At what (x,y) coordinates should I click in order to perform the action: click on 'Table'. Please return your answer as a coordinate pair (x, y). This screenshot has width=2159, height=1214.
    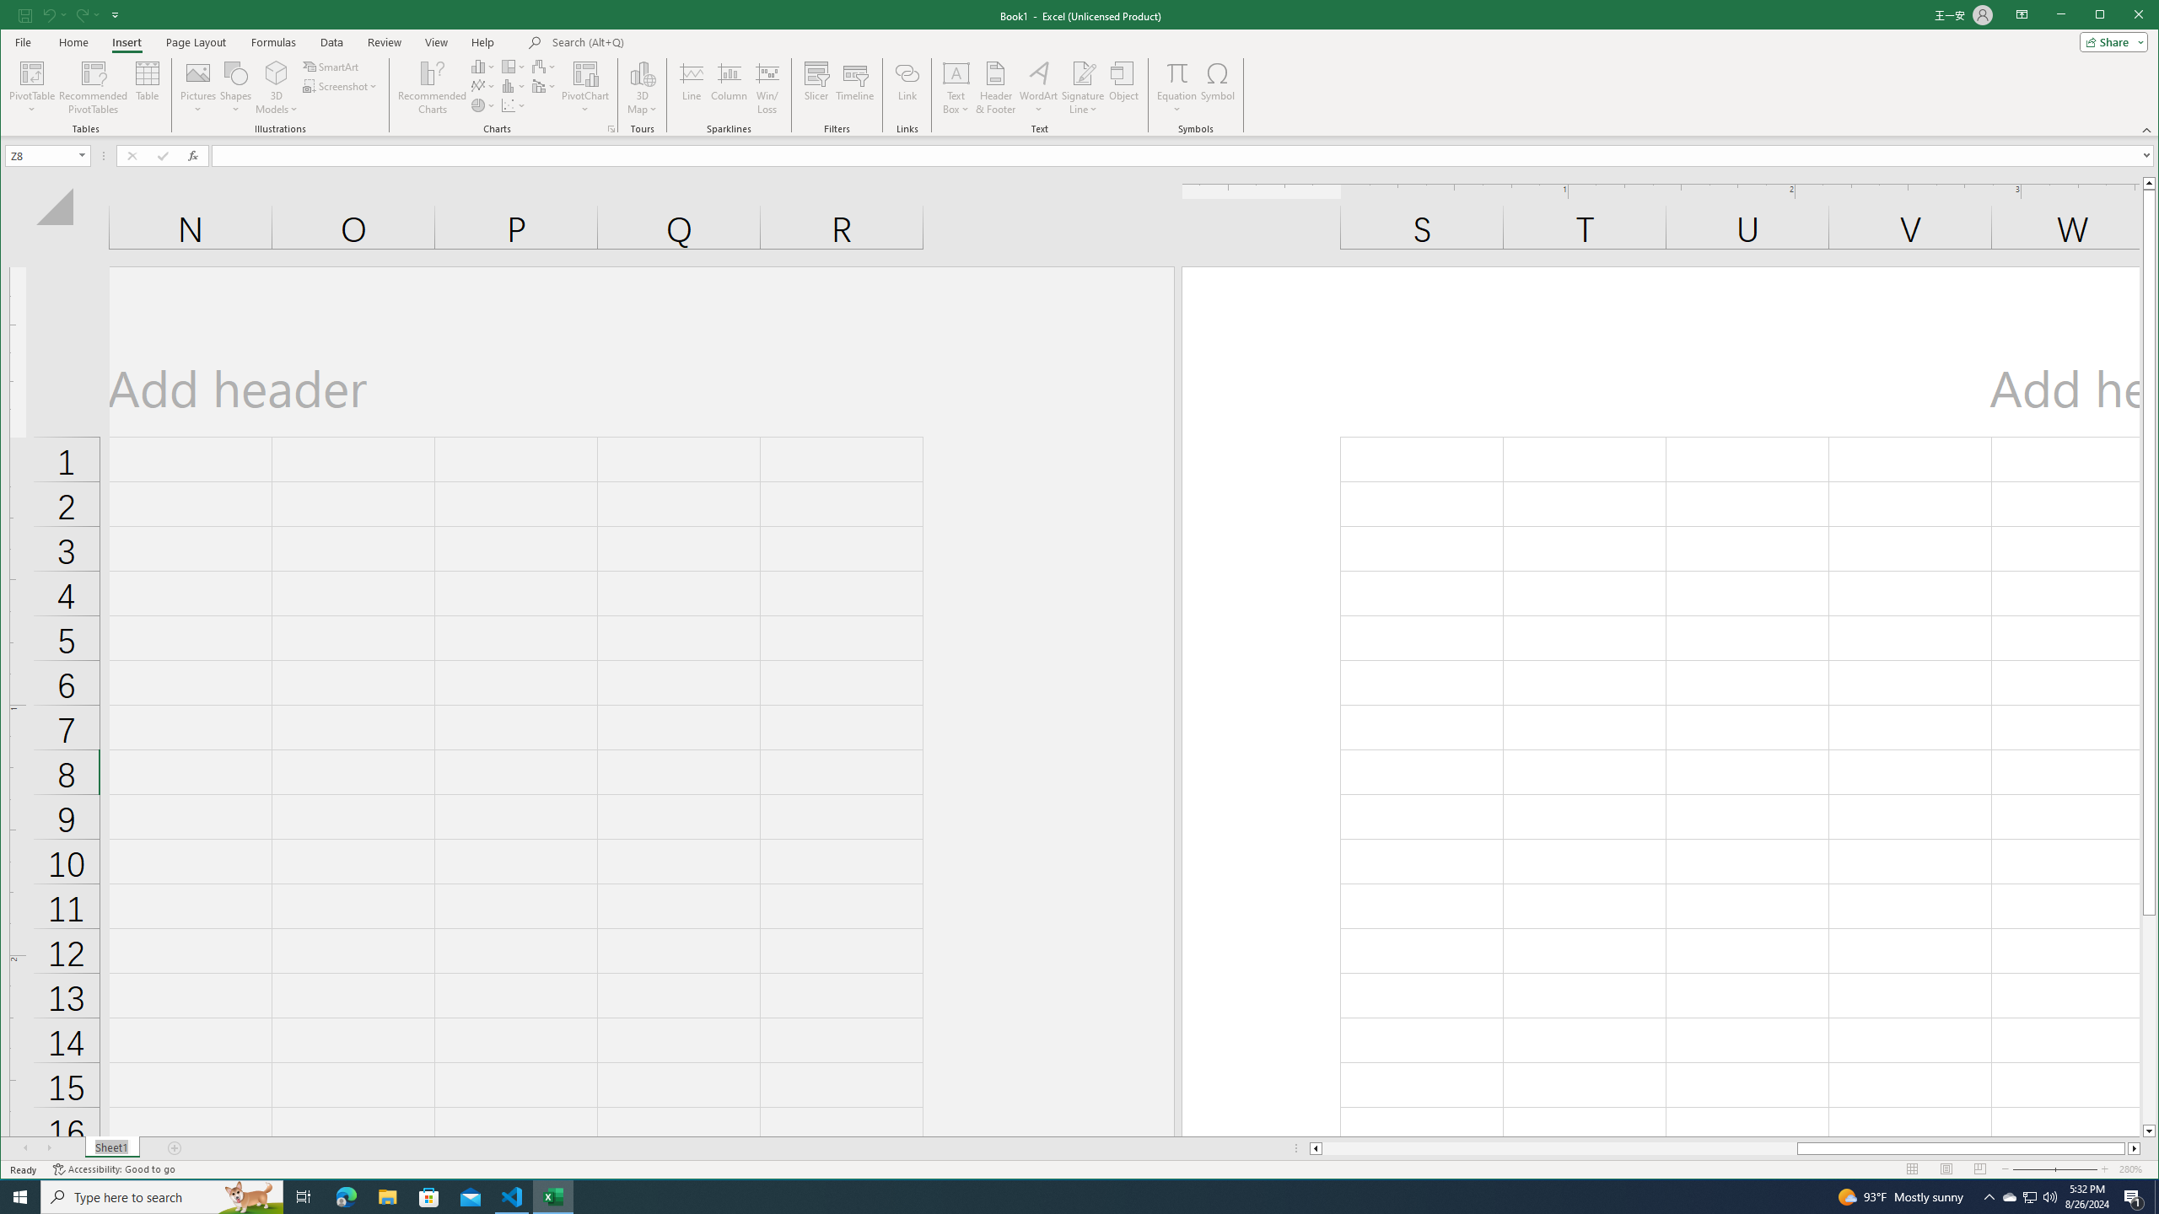
    Looking at the image, I should click on (148, 87).